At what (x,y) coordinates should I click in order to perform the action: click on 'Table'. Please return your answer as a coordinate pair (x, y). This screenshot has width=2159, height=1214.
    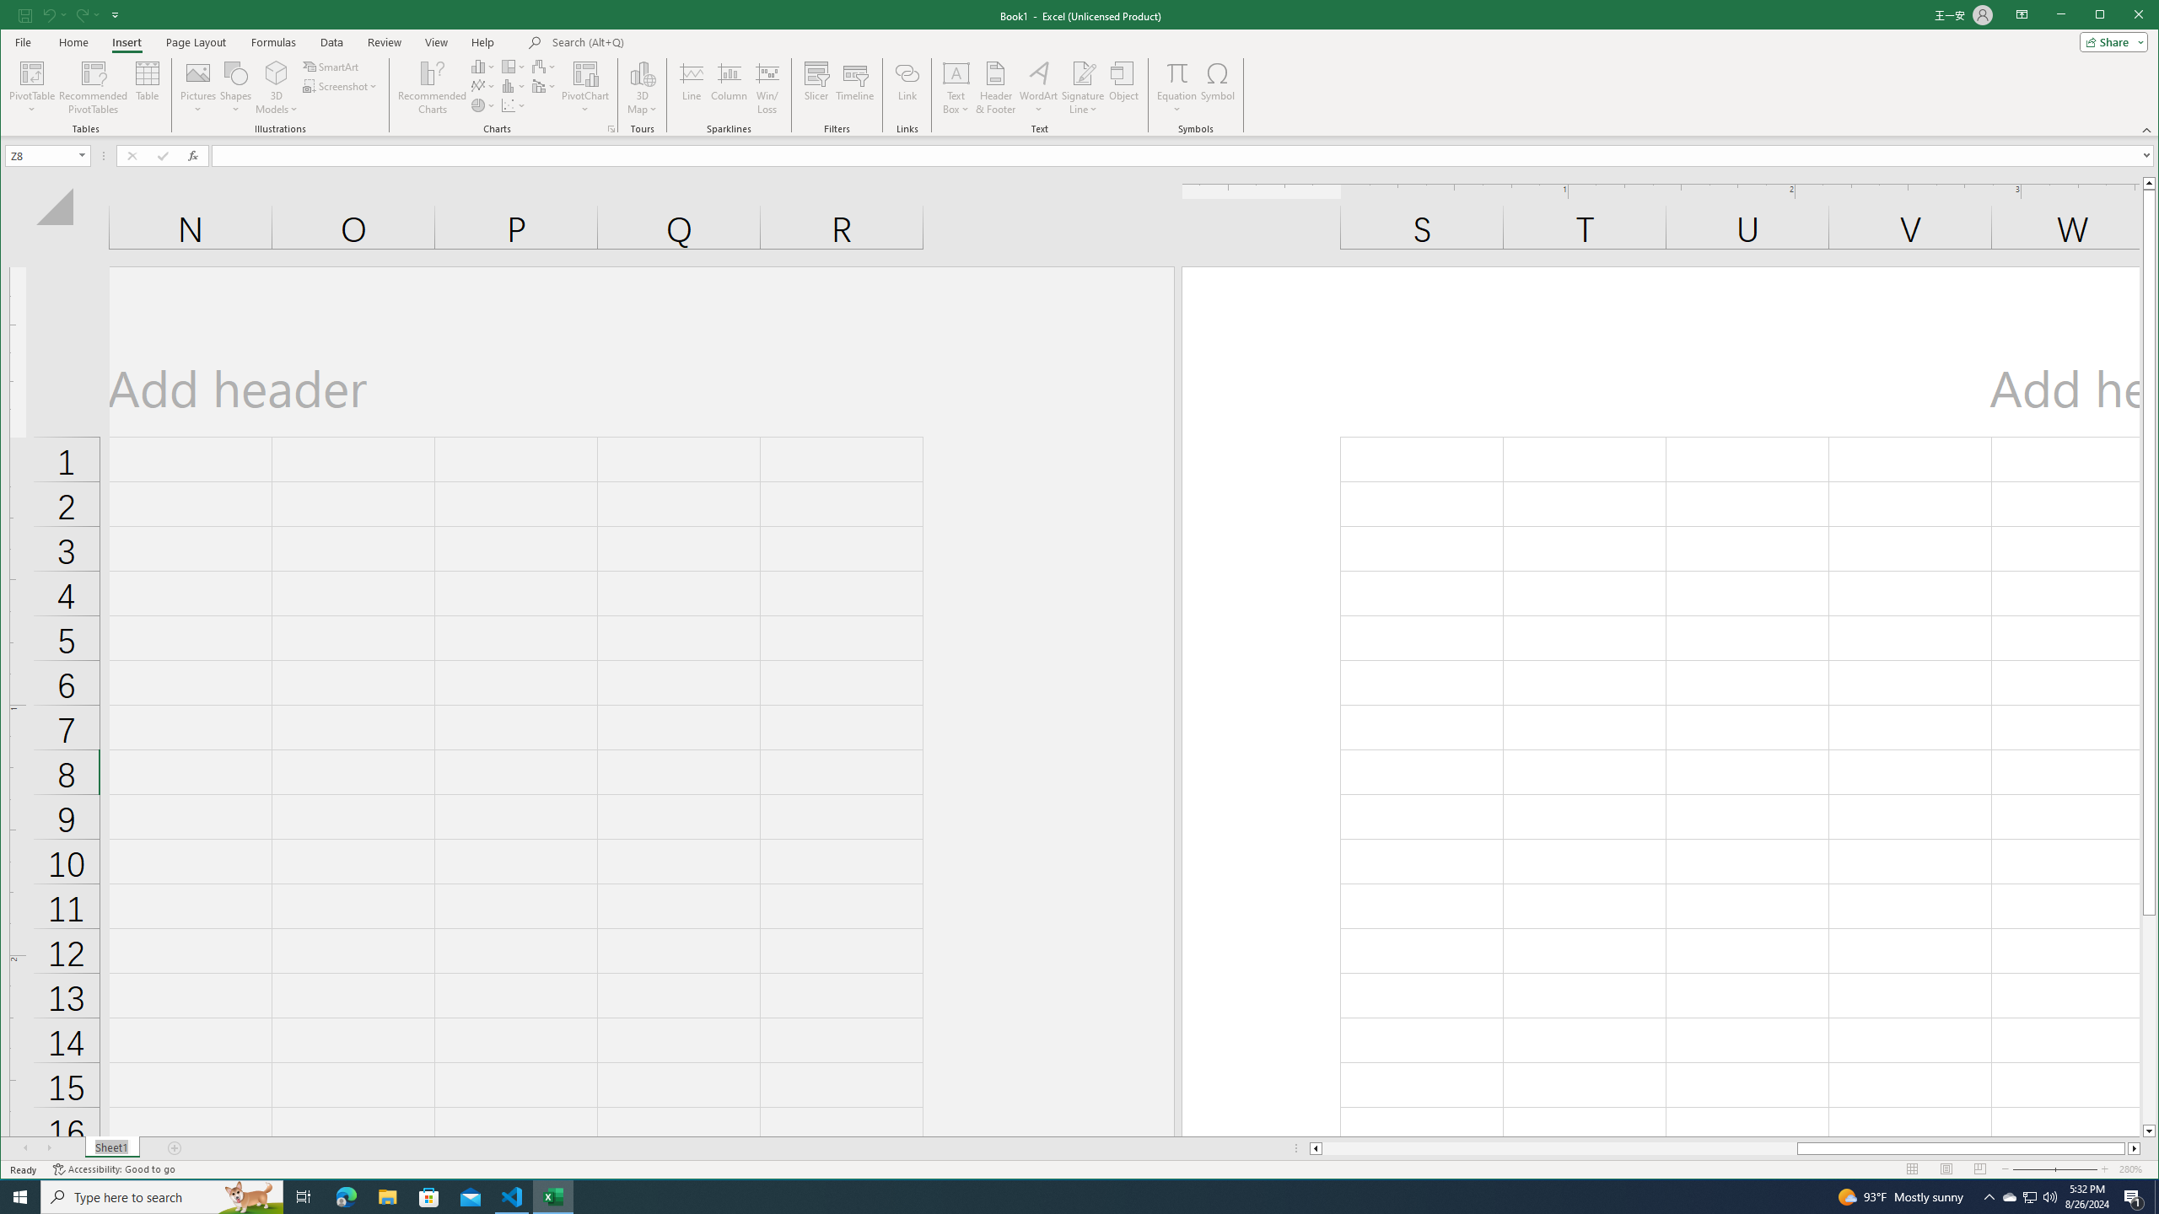
    Looking at the image, I should click on (148, 87).